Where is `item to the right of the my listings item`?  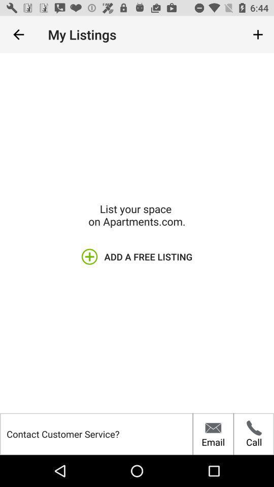 item to the right of the my listings item is located at coordinates (258, 34).